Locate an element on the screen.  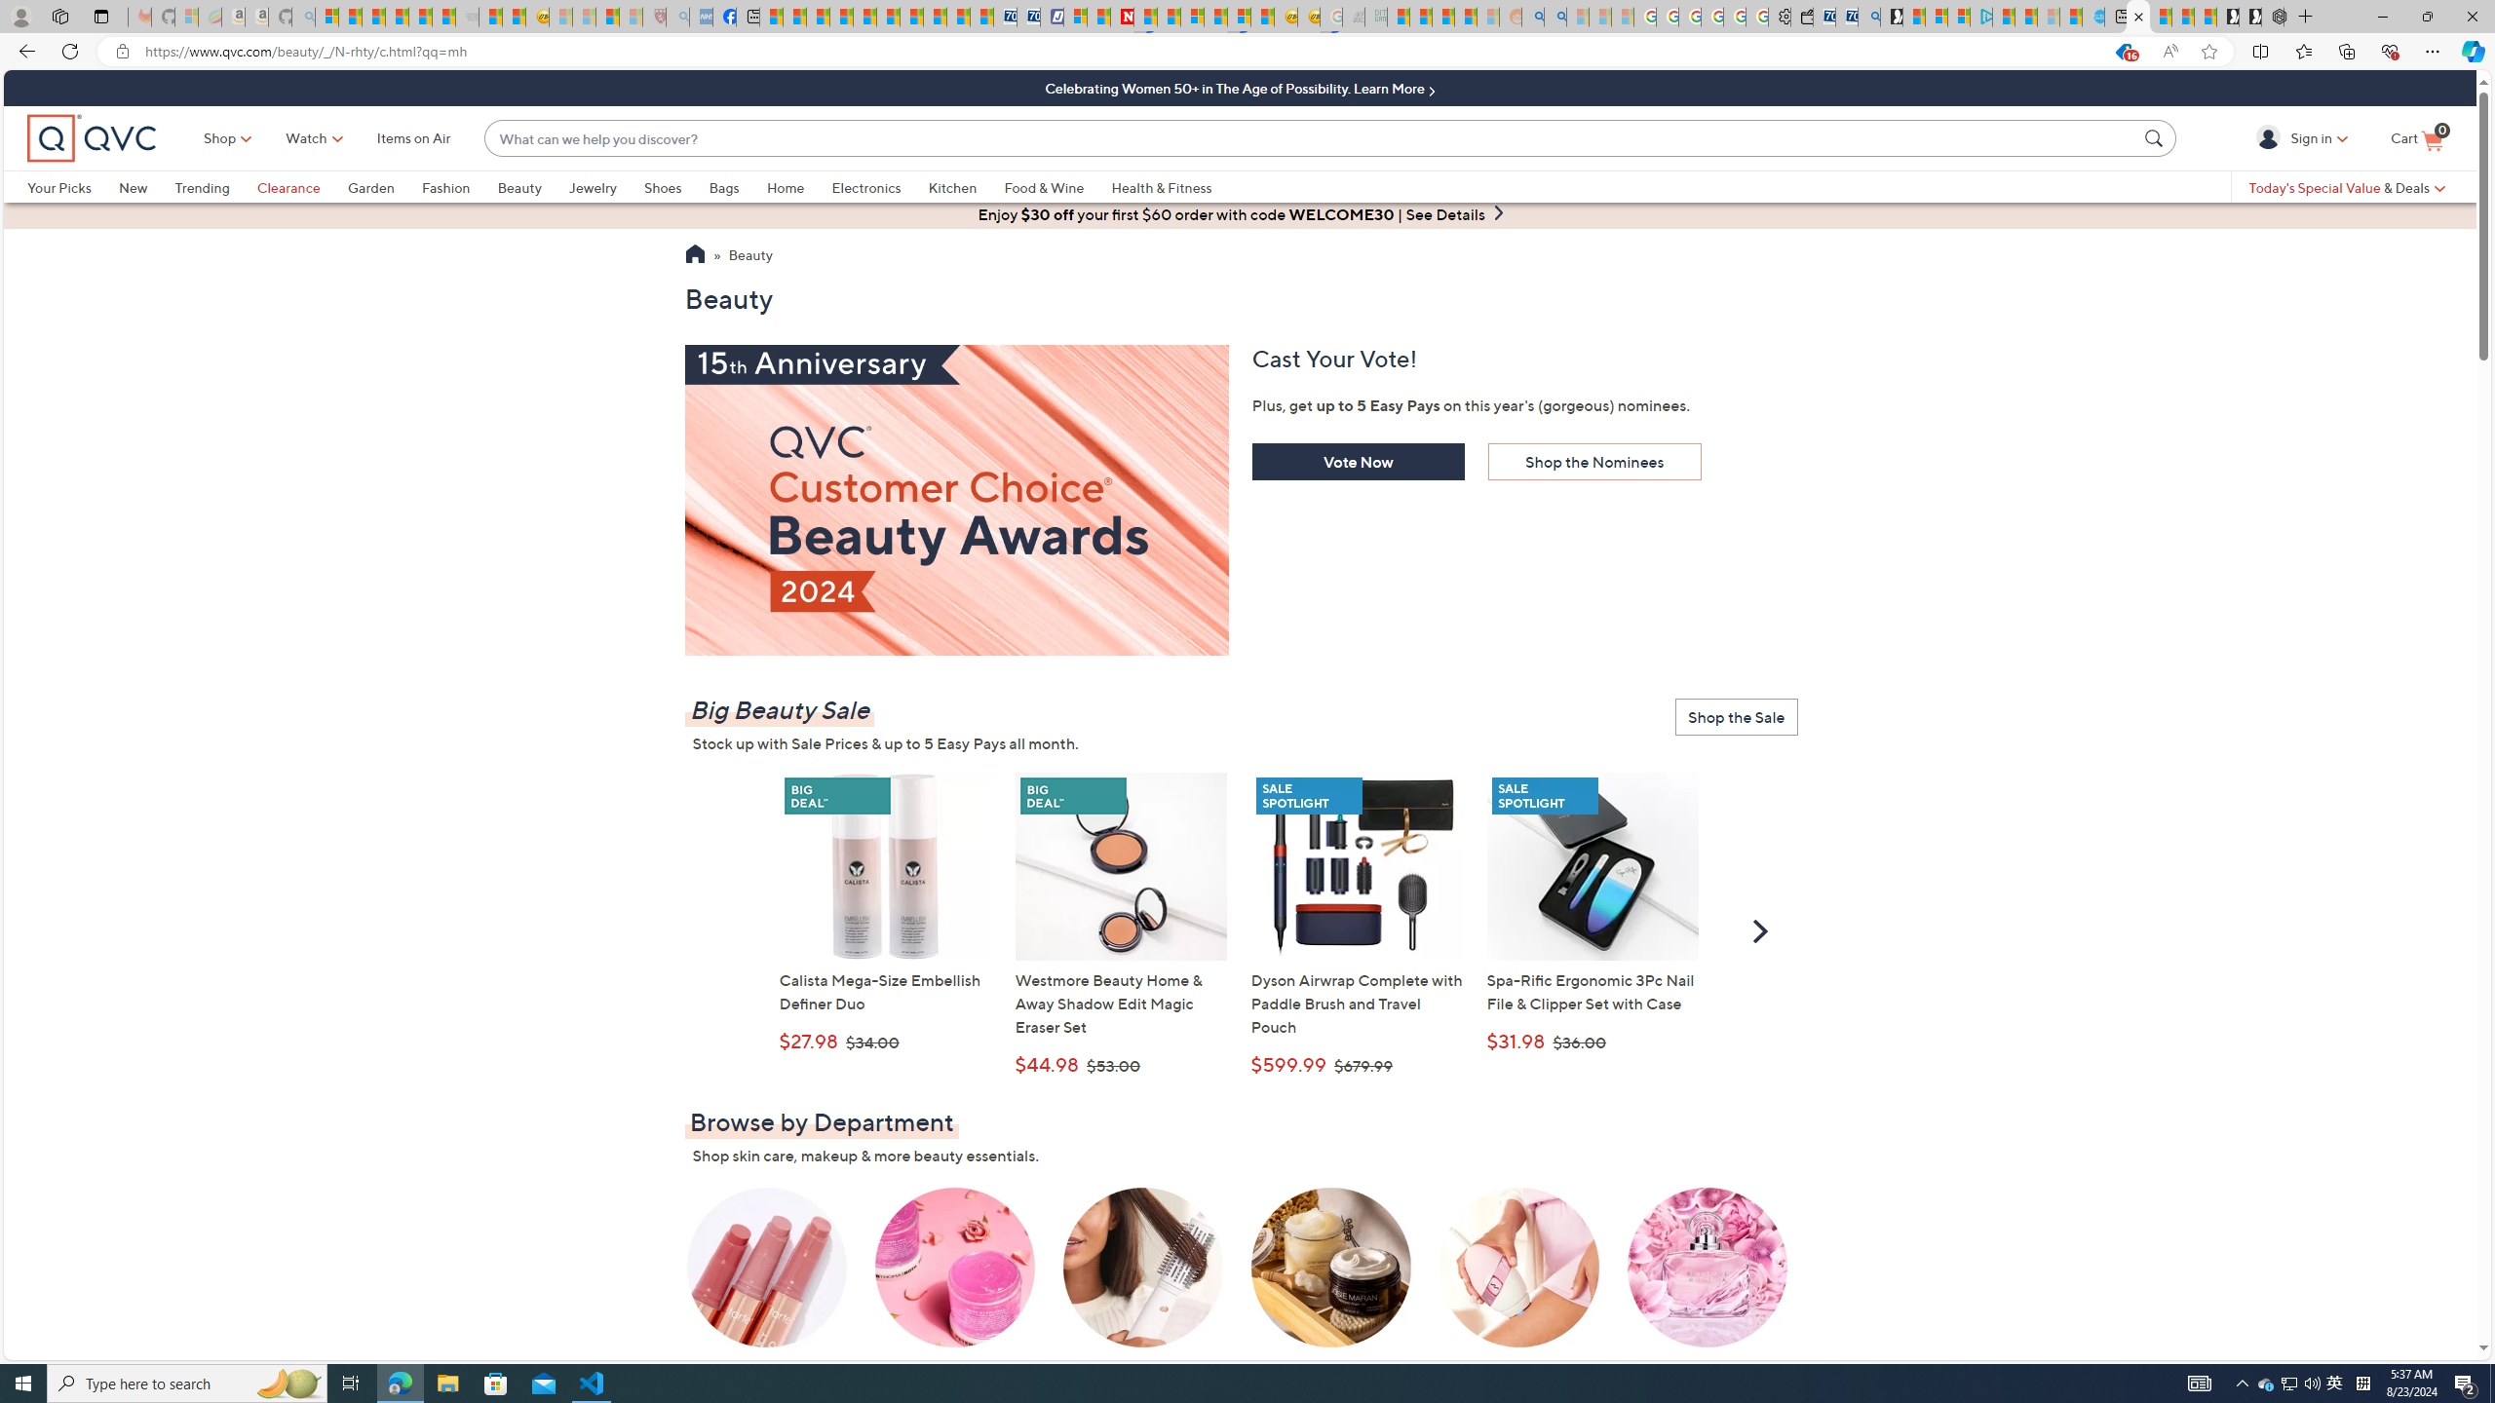
'Trending' is located at coordinates (214, 186).